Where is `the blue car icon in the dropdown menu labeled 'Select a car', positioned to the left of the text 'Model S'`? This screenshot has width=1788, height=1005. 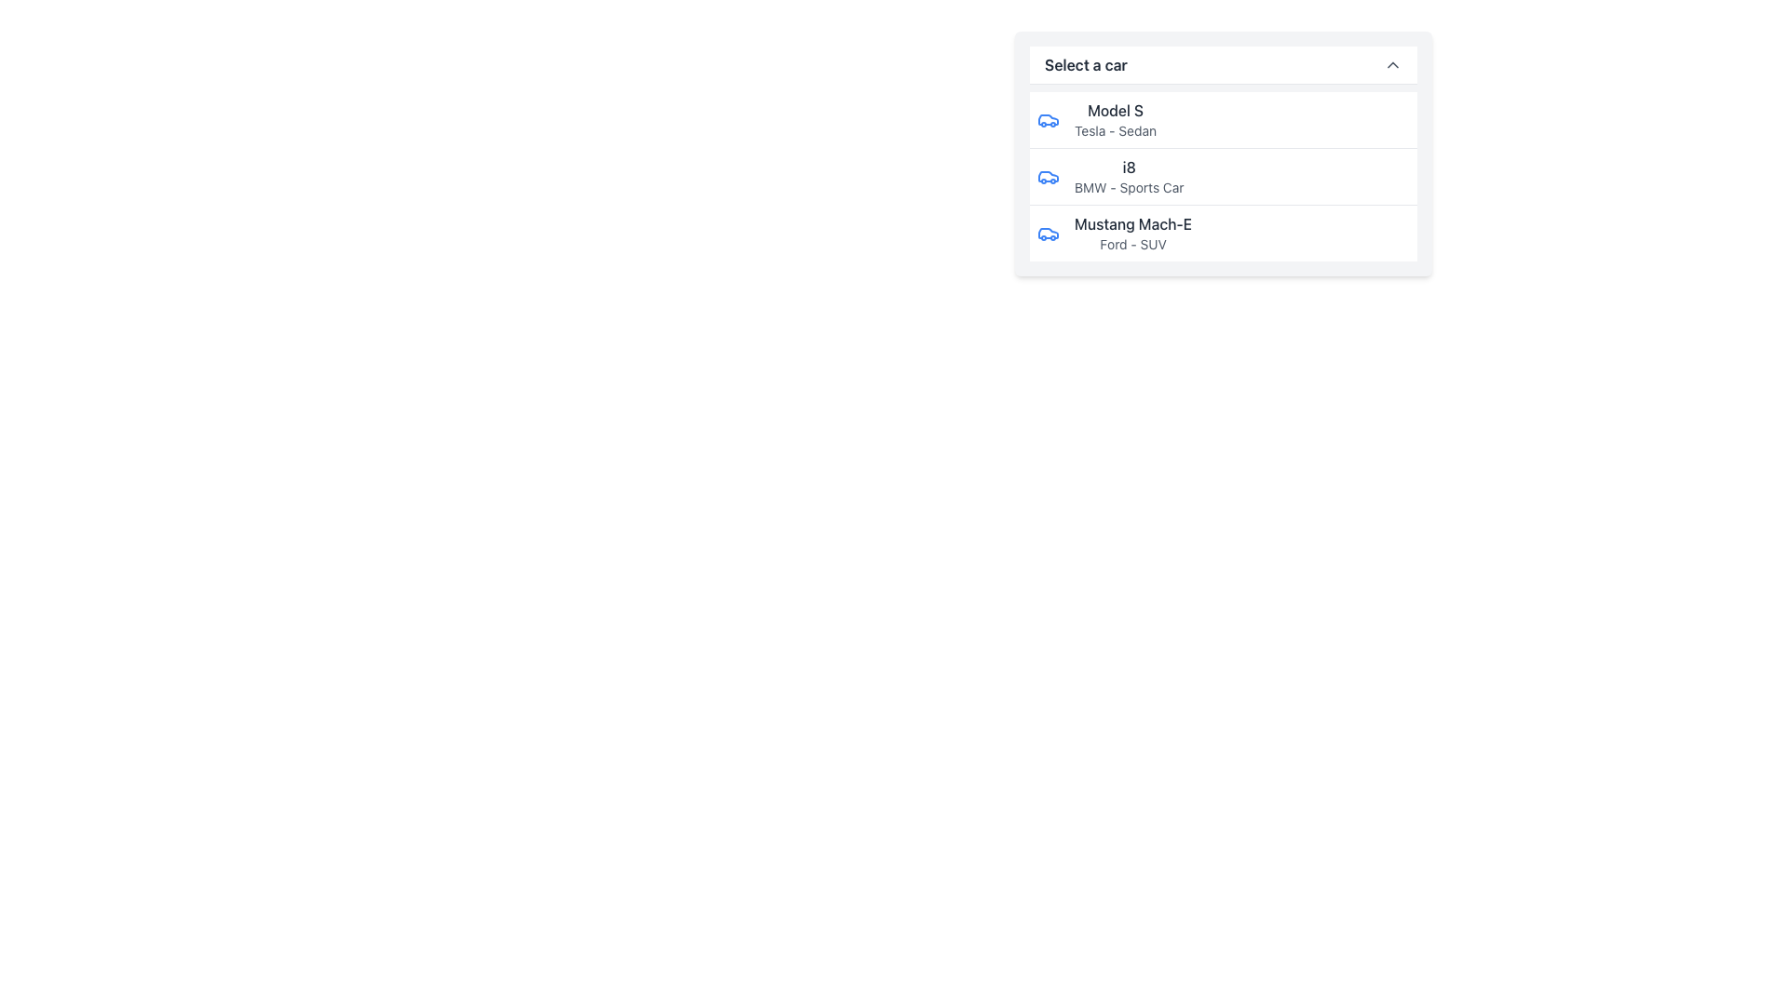
the blue car icon in the dropdown menu labeled 'Select a car', positioned to the left of the text 'Model S' is located at coordinates (1049, 119).